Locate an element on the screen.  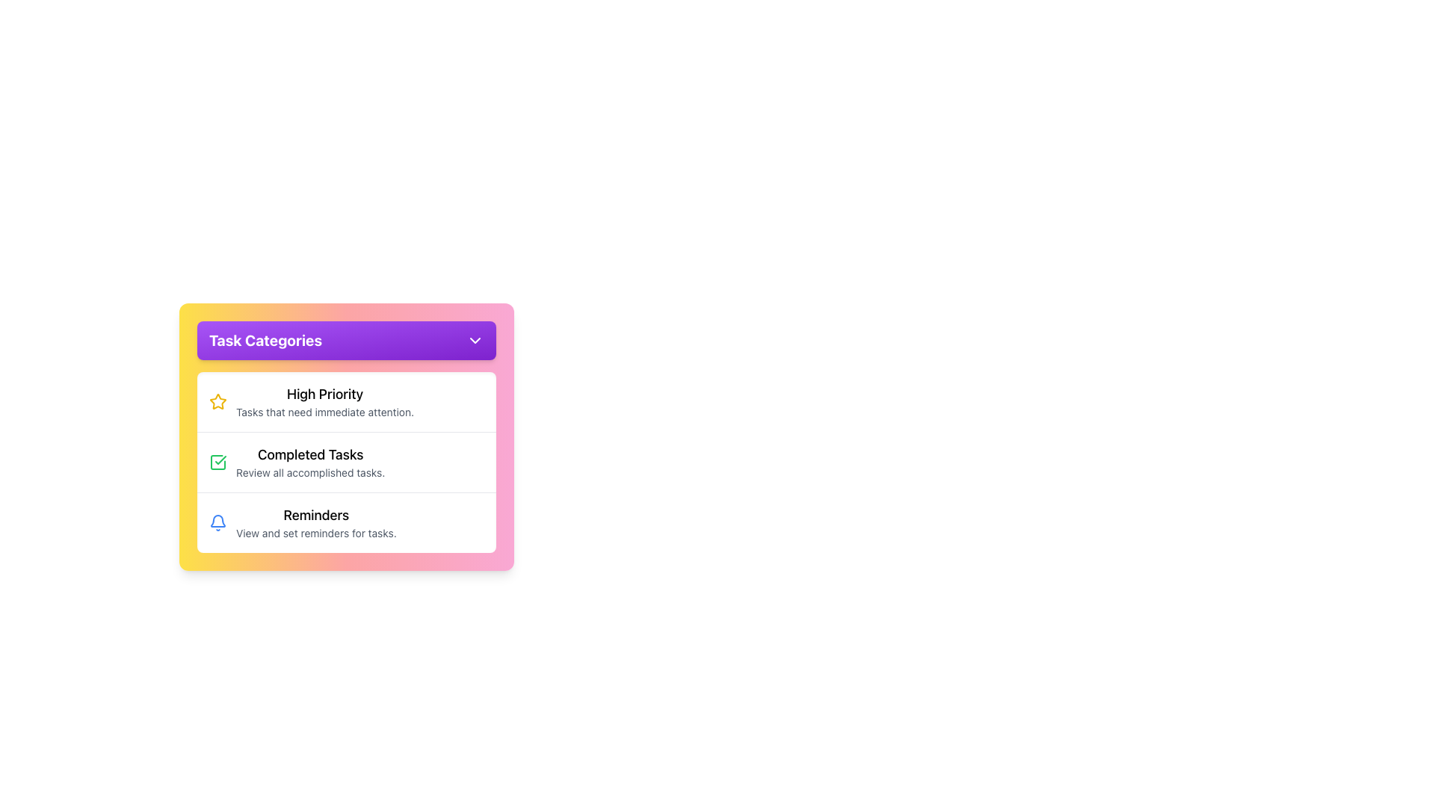
the Text Label located beneath the 'Reminders' title in the 'Task Categories' list, which provides additional information regarding its functionality is located at coordinates (315, 532).